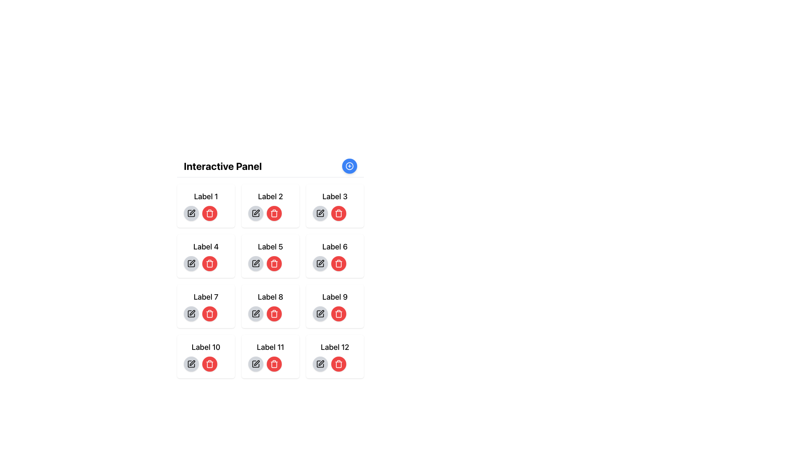 This screenshot has height=452, width=804. What do you see at coordinates (335, 256) in the screenshot?
I see `the delete button located beneath the 'Label 6' text, which is the rightmost button in the sixth item of a 3-column grid layout` at bounding box center [335, 256].